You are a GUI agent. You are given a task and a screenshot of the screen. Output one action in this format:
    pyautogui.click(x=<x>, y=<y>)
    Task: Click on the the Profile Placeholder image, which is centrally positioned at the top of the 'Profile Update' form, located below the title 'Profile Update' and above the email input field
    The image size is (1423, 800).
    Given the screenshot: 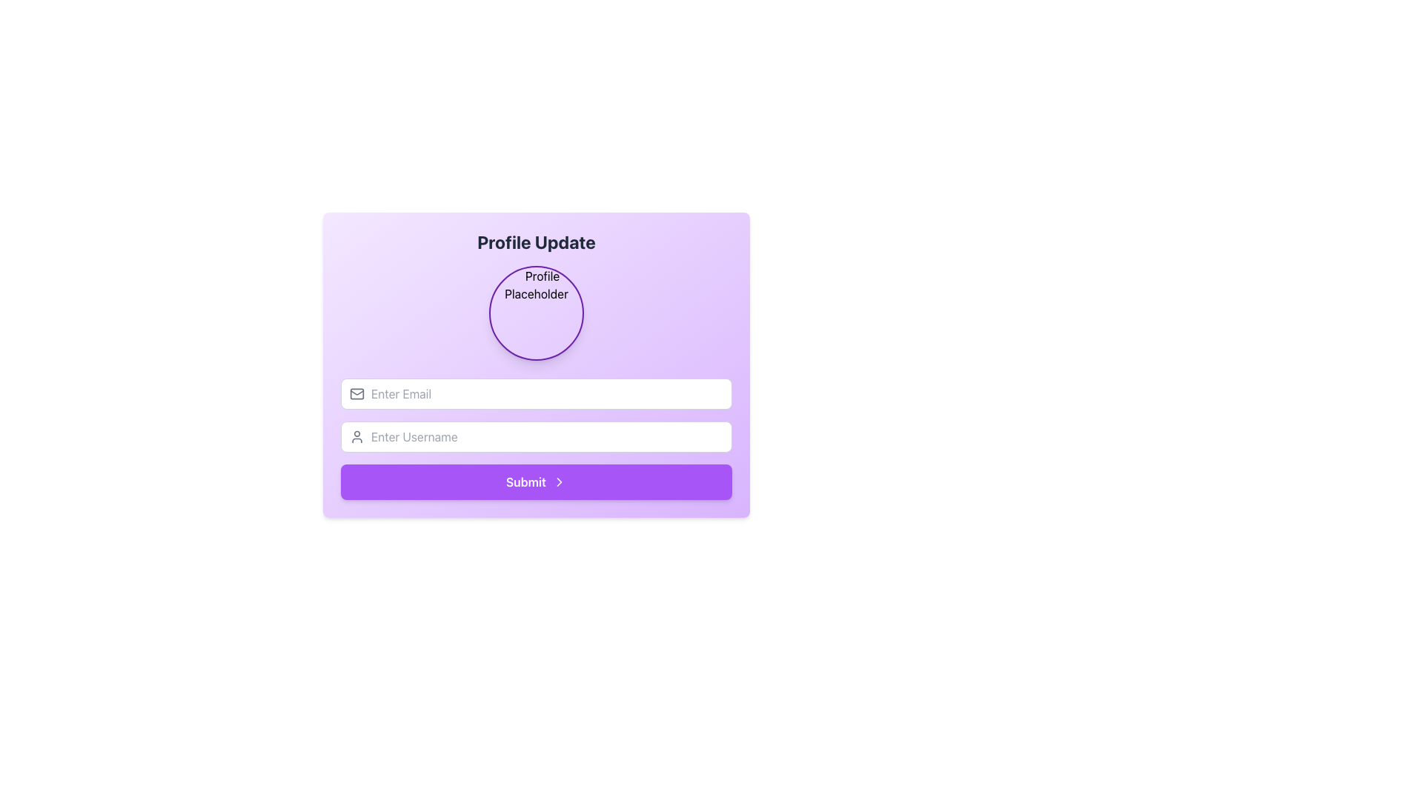 What is the action you would take?
    pyautogui.click(x=536, y=313)
    